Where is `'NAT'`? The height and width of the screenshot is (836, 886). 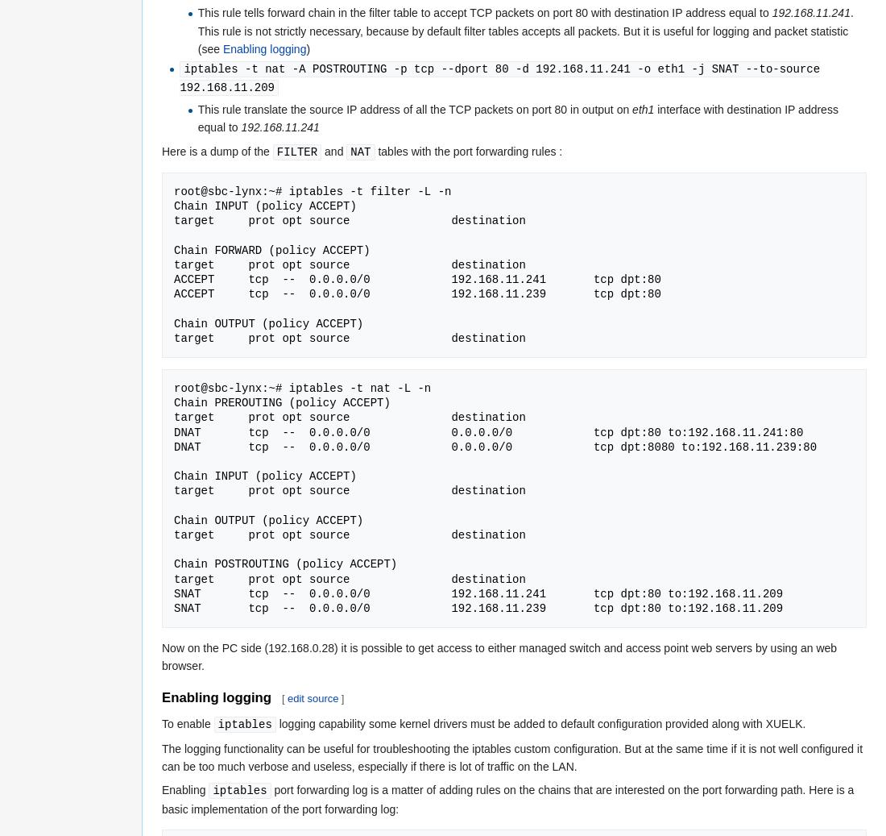
'NAT' is located at coordinates (350, 151).